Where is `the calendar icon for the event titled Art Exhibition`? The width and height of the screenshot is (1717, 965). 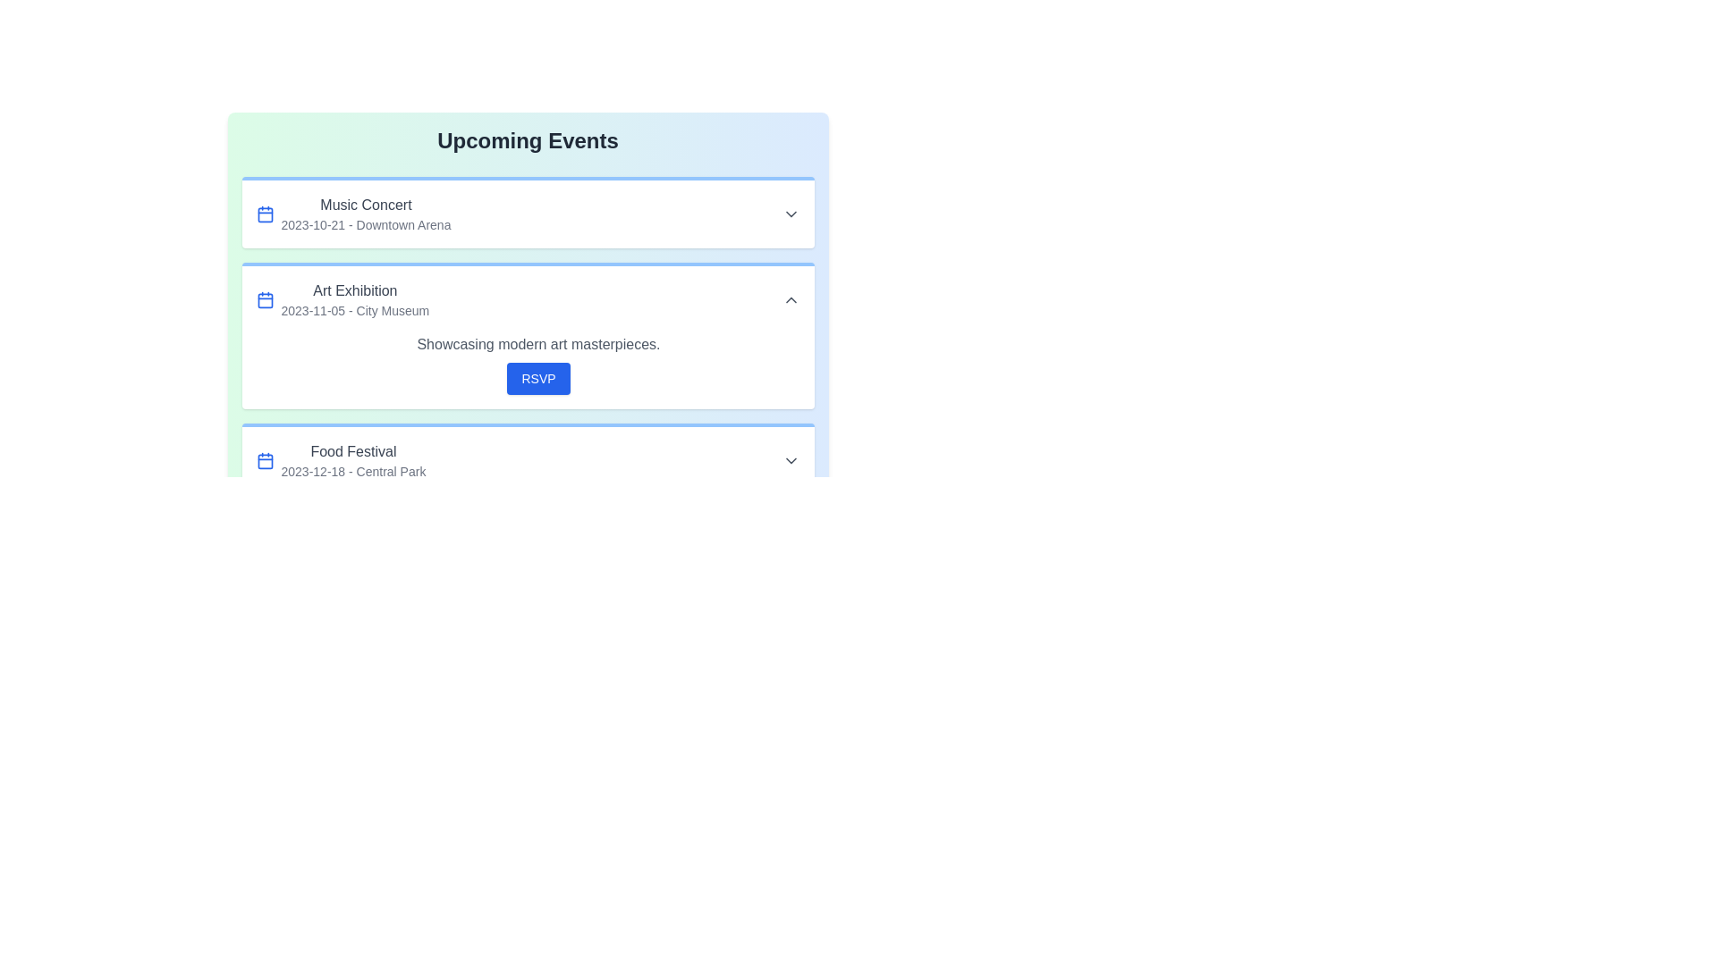 the calendar icon for the event titled Art Exhibition is located at coordinates (264, 298).